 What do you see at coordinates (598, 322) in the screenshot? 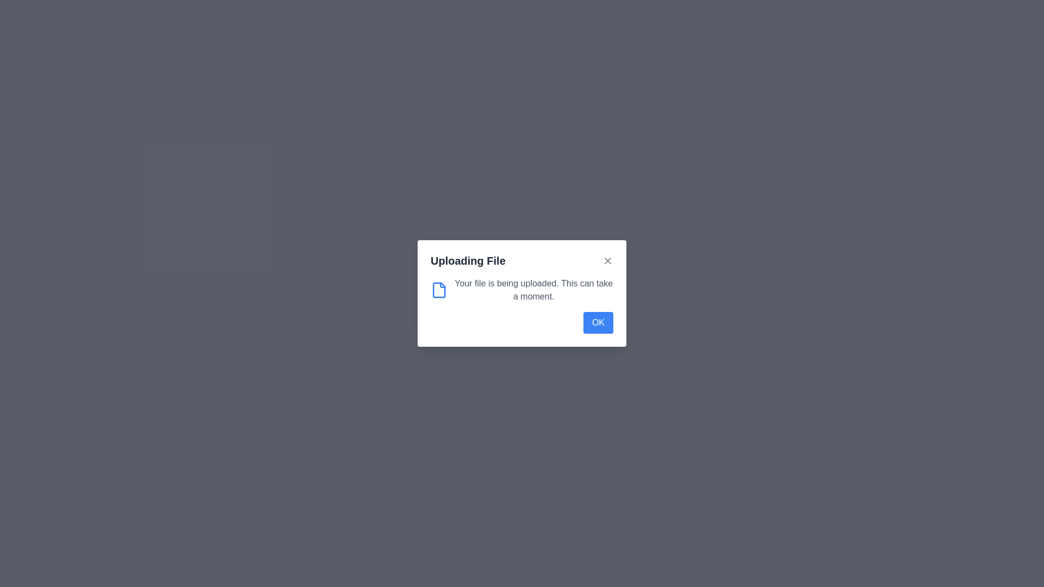
I see `the confirmation button located at the bottom-right corner of the 'Uploading File' dialog to confirm and dismiss the popup` at bounding box center [598, 322].